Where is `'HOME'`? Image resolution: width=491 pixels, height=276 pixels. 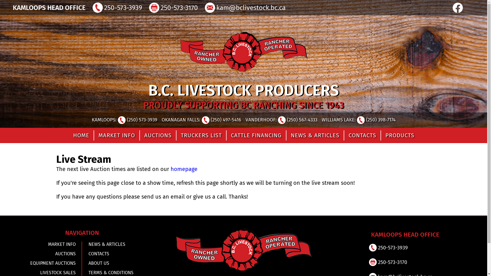
'HOME' is located at coordinates (81, 135).